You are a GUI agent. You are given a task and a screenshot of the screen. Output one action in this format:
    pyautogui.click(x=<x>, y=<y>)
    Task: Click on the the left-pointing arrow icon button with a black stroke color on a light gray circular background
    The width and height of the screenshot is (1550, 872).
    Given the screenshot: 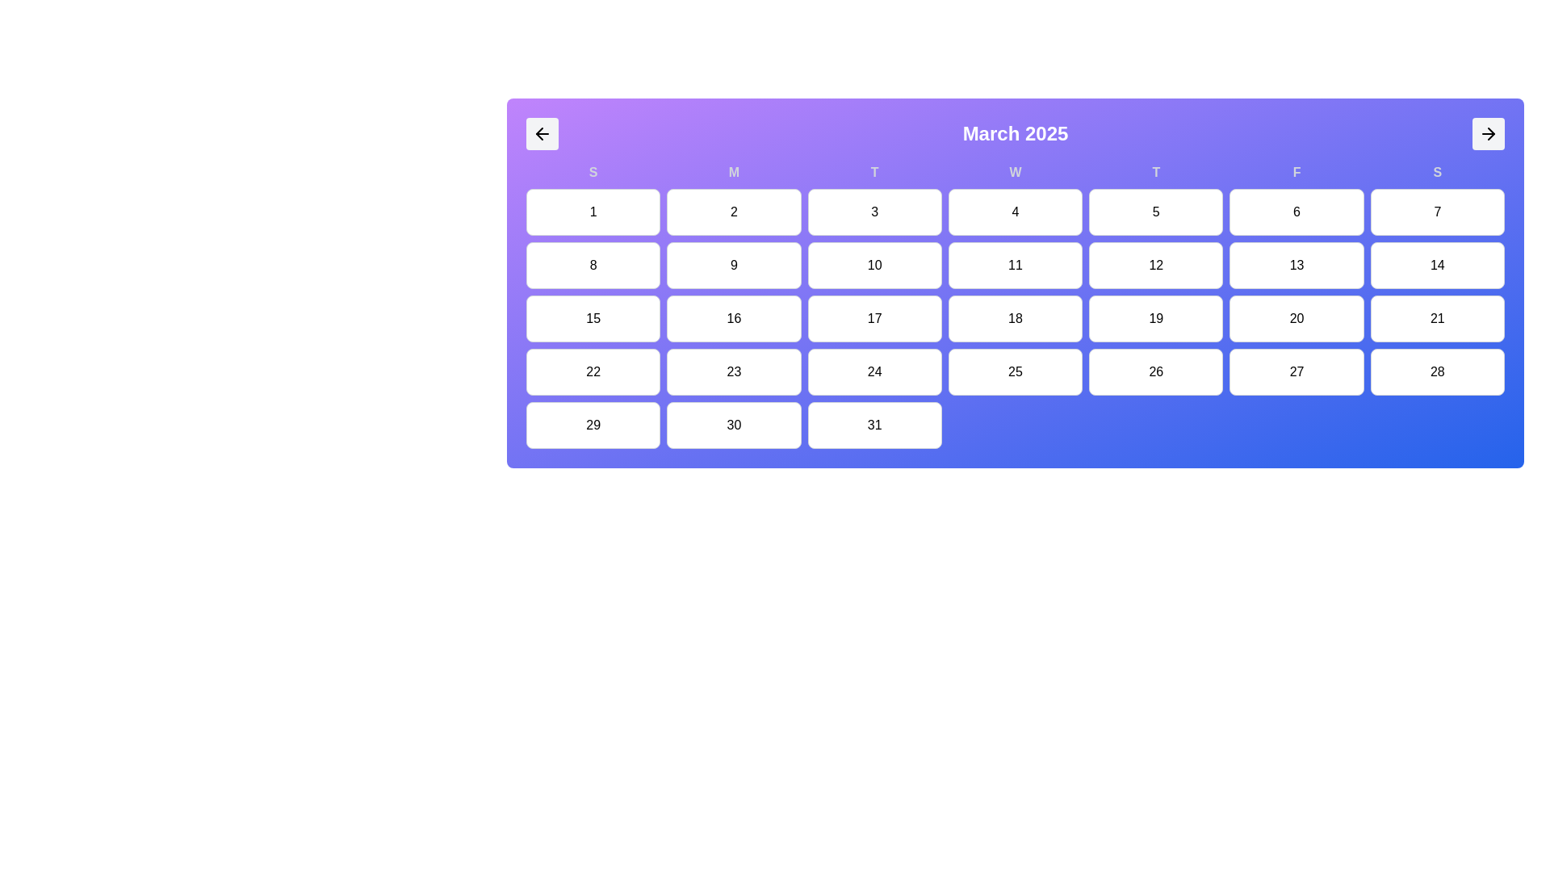 What is the action you would take?
    pyautogui.click(x=542, y=132)
    